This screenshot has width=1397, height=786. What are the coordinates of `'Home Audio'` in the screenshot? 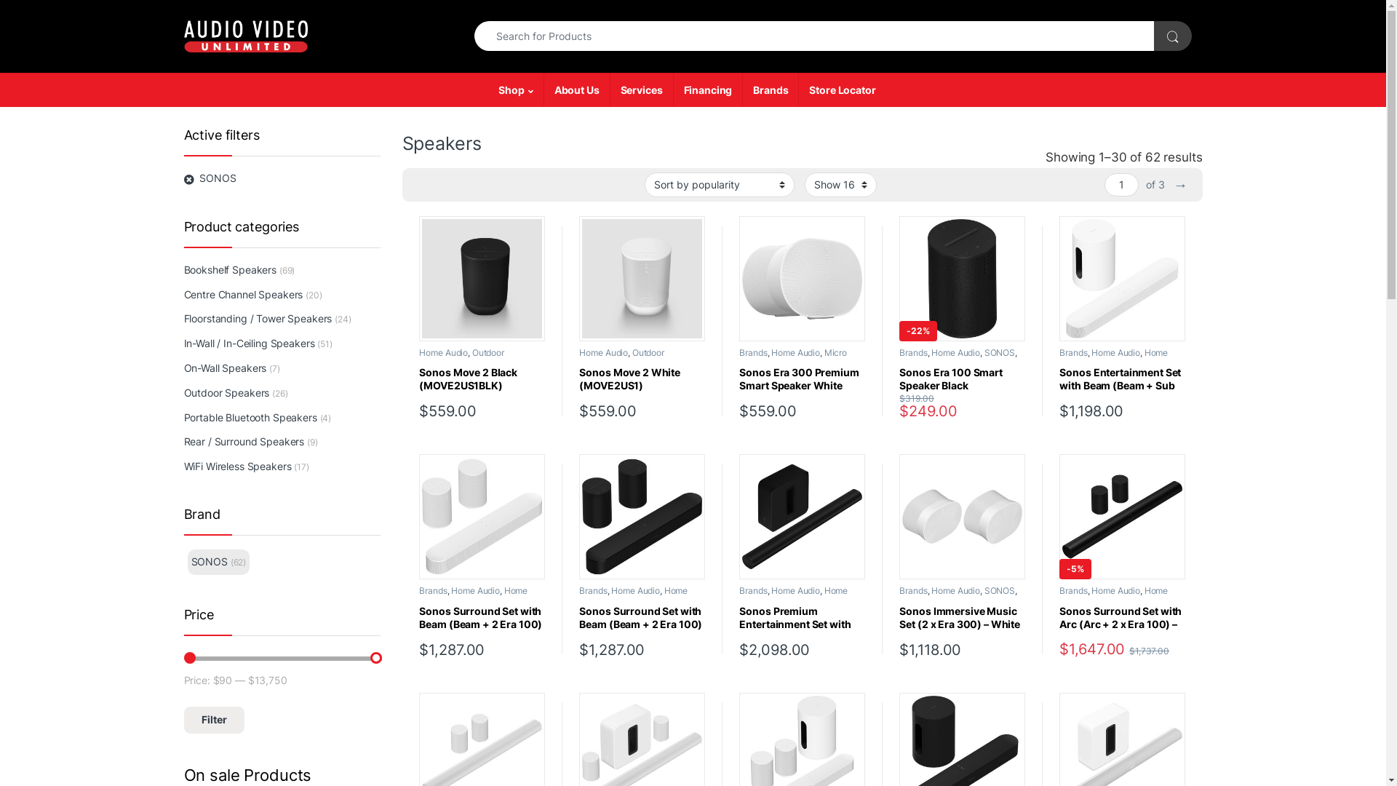 It's located at (603, 352).